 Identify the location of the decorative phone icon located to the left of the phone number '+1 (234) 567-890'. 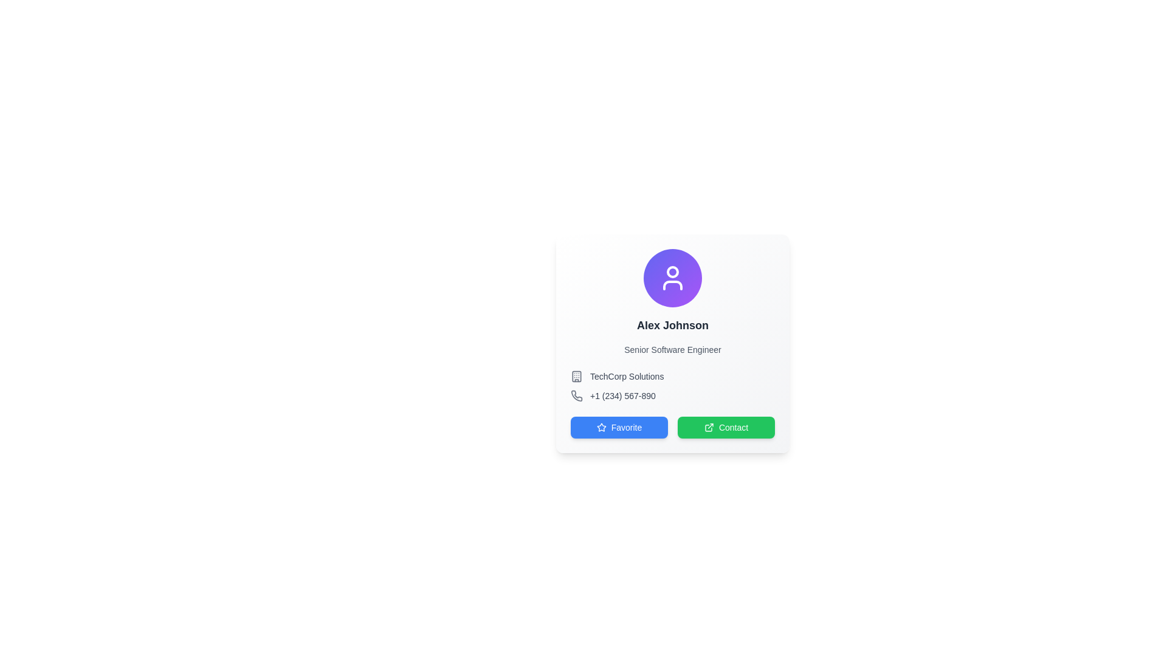
(576, 395).